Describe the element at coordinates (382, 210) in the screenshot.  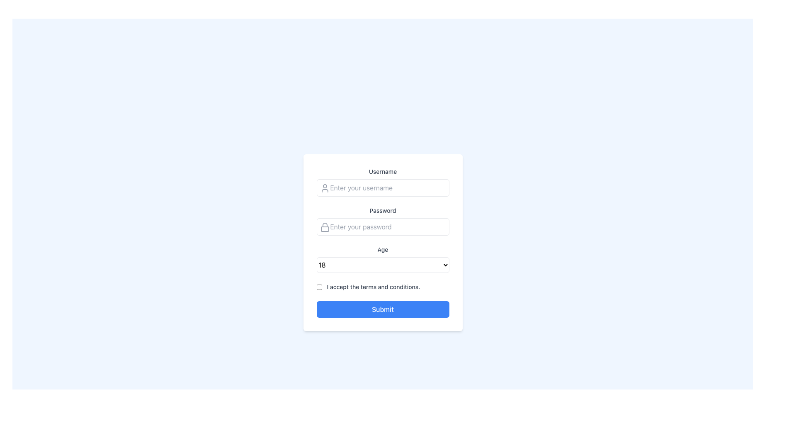
I see `the 'Password' label element, which is a dark gray text label displayed in a sans-serif font, positioned above the password input field in the form layout` at that location.